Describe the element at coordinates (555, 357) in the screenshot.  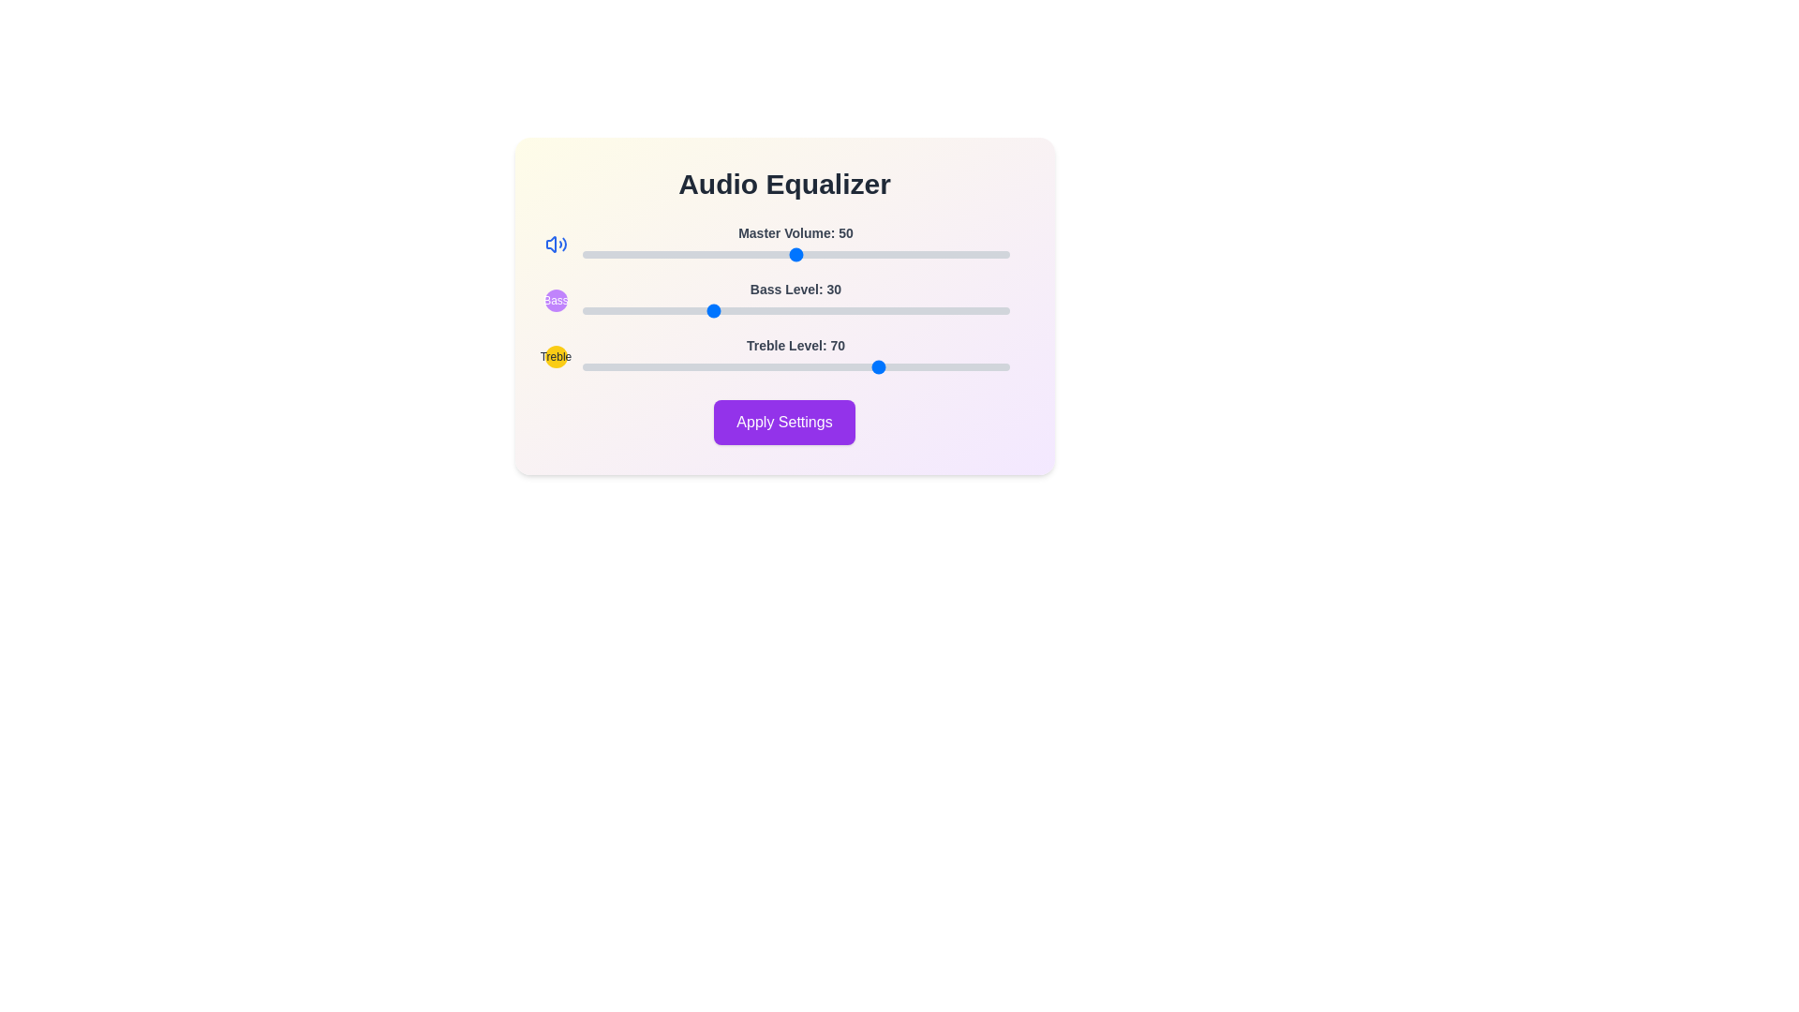
I see `the circular badge labeled 'Treble' with a bright yellow background and black text, located in the Treble section of the audio equalizer interface` at that location.